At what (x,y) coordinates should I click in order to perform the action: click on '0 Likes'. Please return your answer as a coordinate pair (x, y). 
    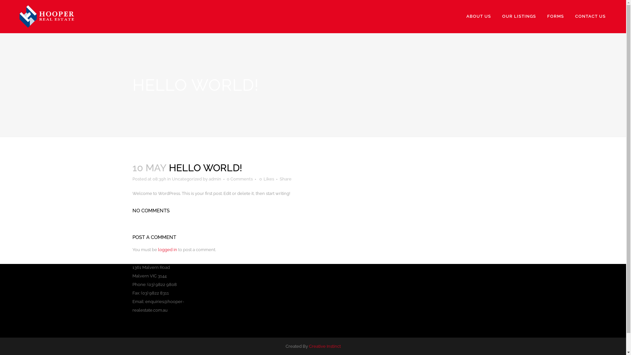
    Looking at the image, I should click on (266, 179).